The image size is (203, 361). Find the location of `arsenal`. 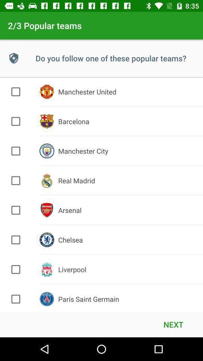

arsenal is located at coordinates (16, 210).